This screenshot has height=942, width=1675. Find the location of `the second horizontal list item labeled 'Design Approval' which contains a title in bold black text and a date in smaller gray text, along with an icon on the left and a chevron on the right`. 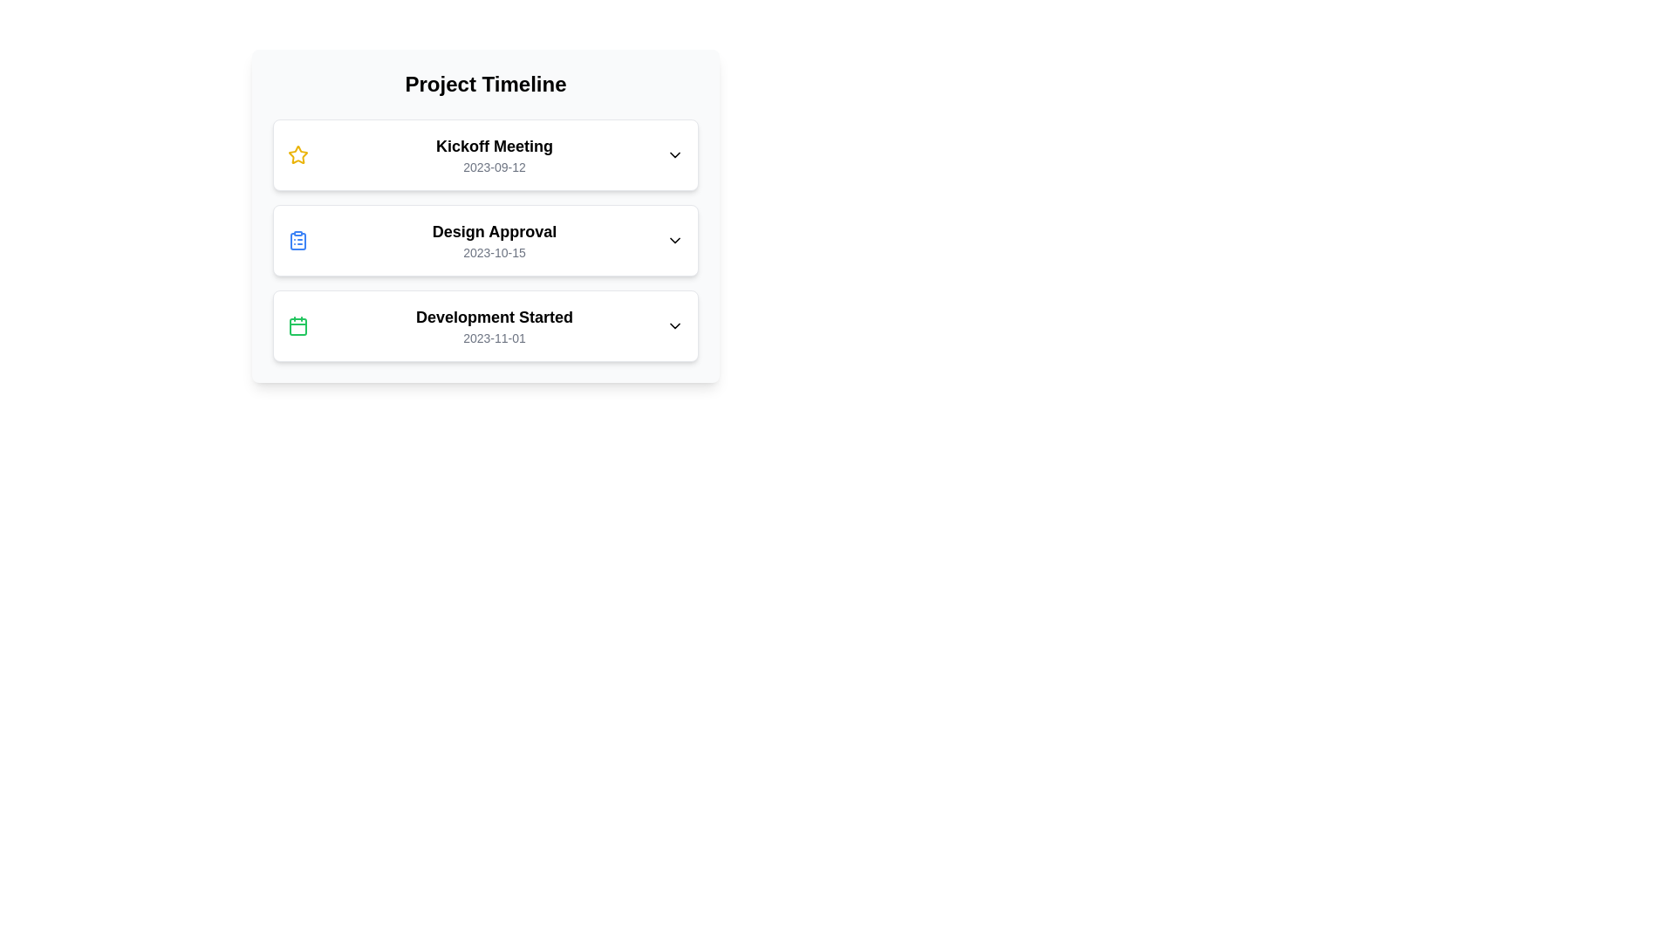

the second horizontal list item labeled 'Design Approval' which contains a title in bold black text and a date in smaller gray text, along with an icon on the left and a chevron on the right is located at coordinates (485, 241).